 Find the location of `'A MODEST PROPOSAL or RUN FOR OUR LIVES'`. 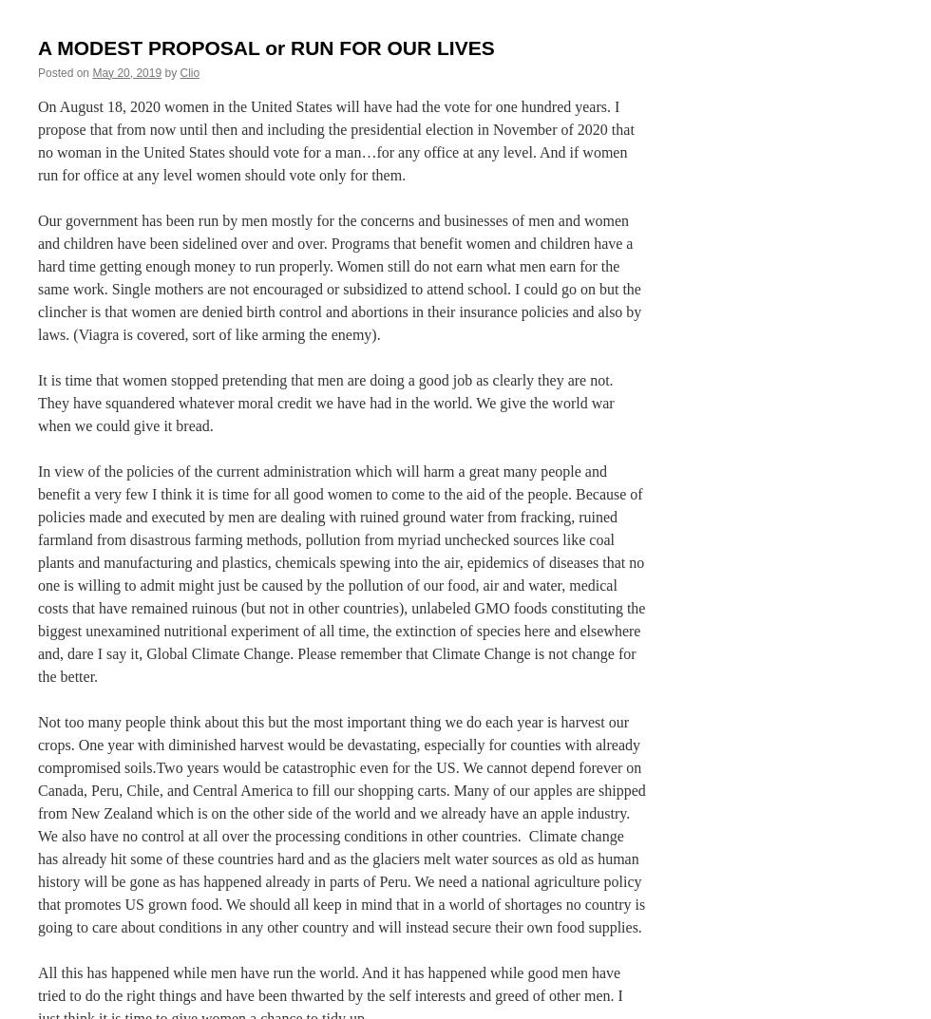

'A MODEST PROPOSAL or RUN FOR OUR LIVES' is located at coordinates (265, 47).